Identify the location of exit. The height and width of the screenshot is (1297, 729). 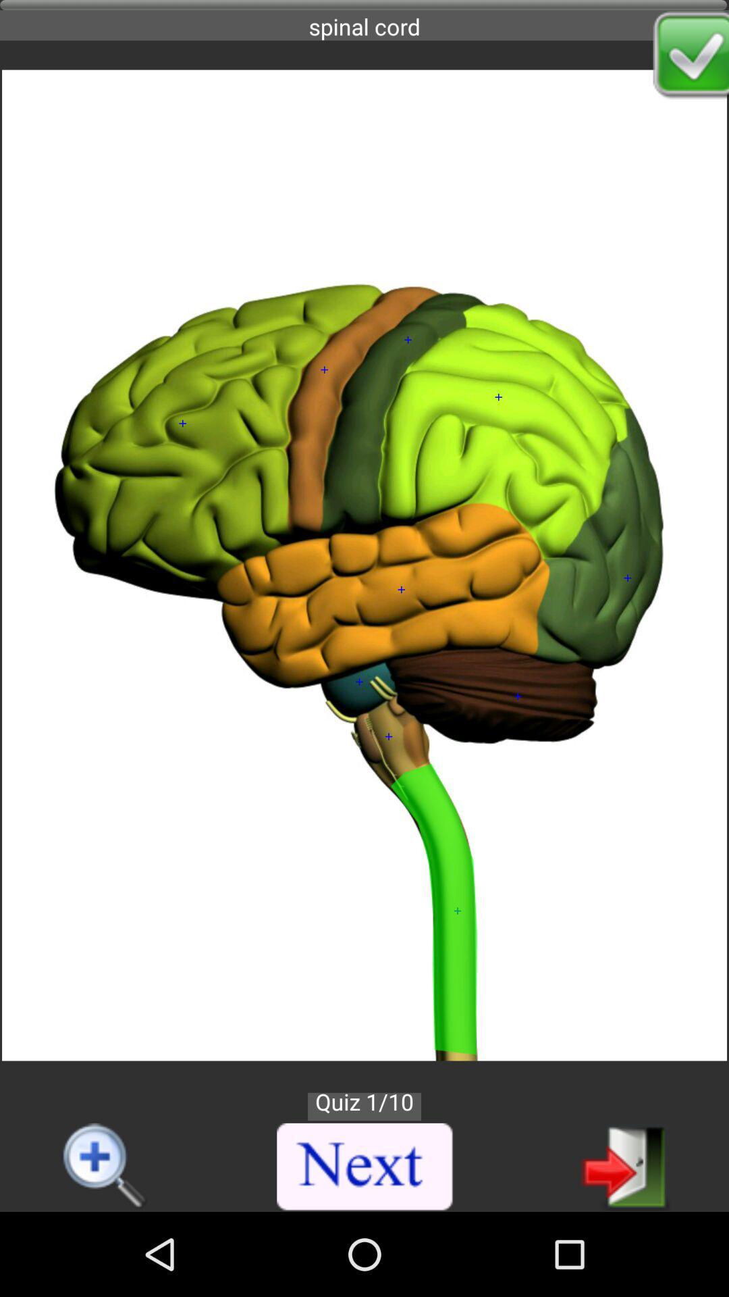
(625, 1165).